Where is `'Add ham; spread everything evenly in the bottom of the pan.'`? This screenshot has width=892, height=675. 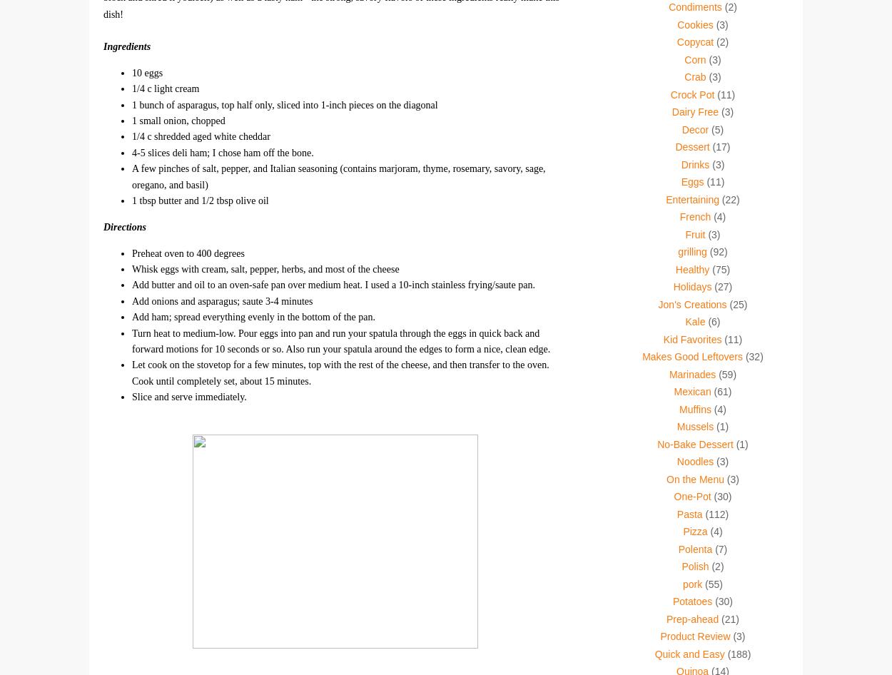 'Add ham; spread everything evenly in the bottom of the pan.' is located at coordinates (252, 316).